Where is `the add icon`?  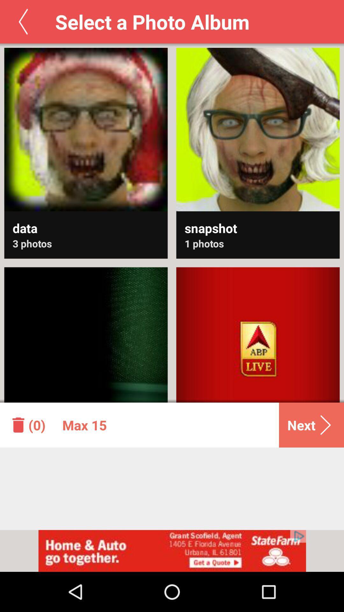 the add icon is located at coordinates (171, 345).